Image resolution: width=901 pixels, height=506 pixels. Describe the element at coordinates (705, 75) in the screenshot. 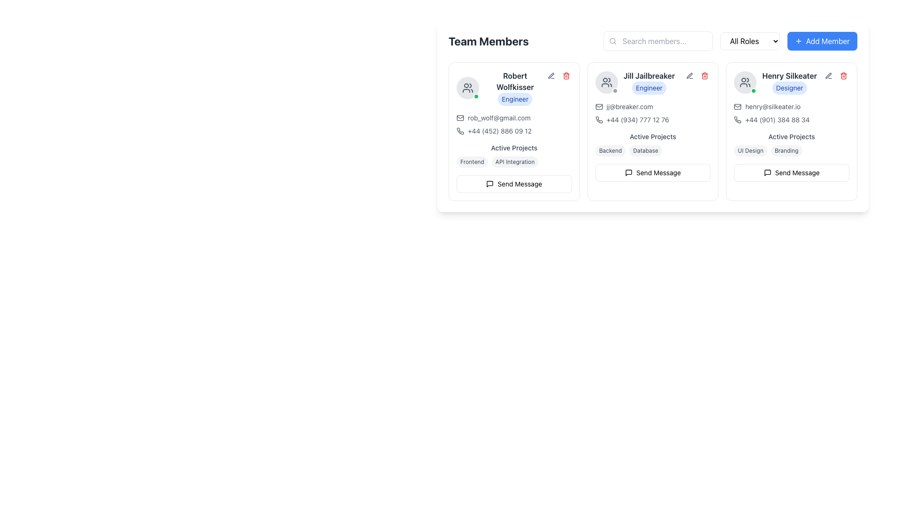

I see `the delete icon button located in the top-right corner of Jill Jailbreaker's user card` at that location.